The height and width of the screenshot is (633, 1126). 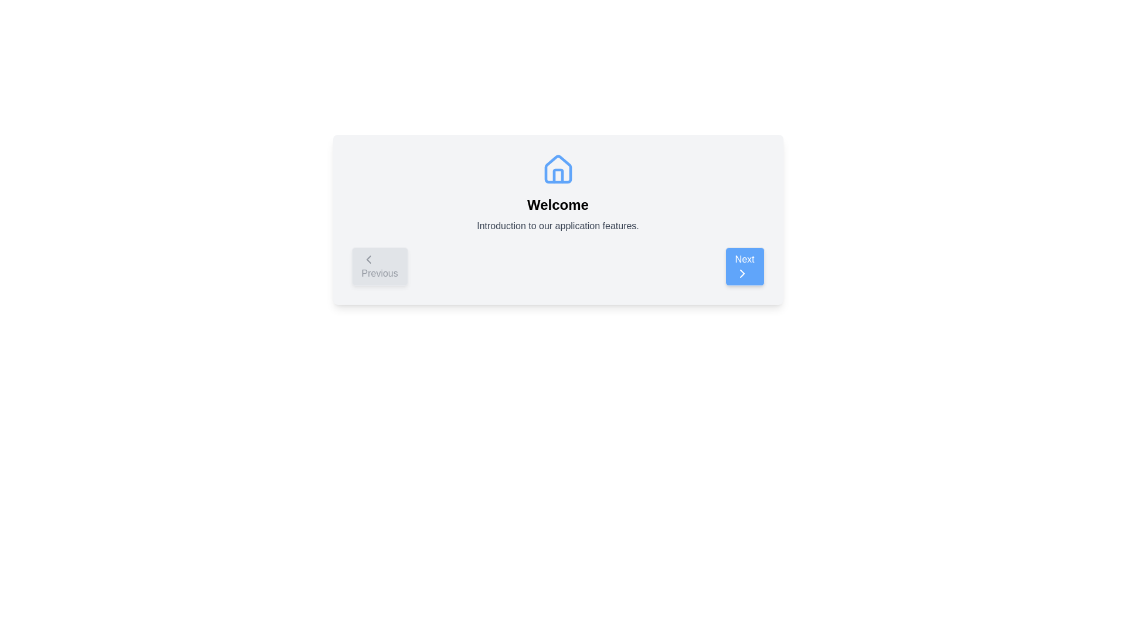 I want to click on the rightward-pointing chevron arrow icon located inside the 'Next' button at the bottom-right corner of the interface, so click(x=741, y=273).